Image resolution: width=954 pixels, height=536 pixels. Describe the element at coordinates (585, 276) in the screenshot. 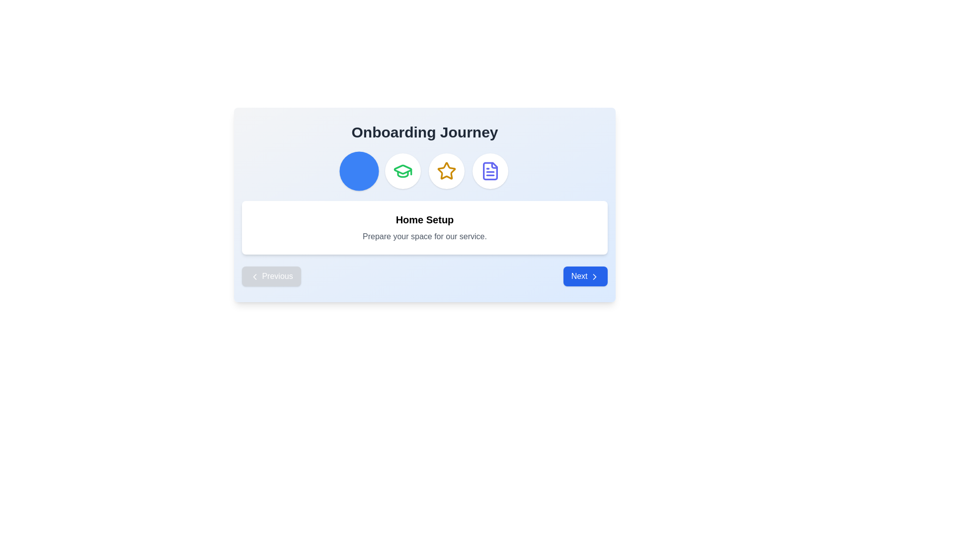

I see `the navigation button located at the bottom right of the 'Onboarding Journey' section to observe the color change` at that location.